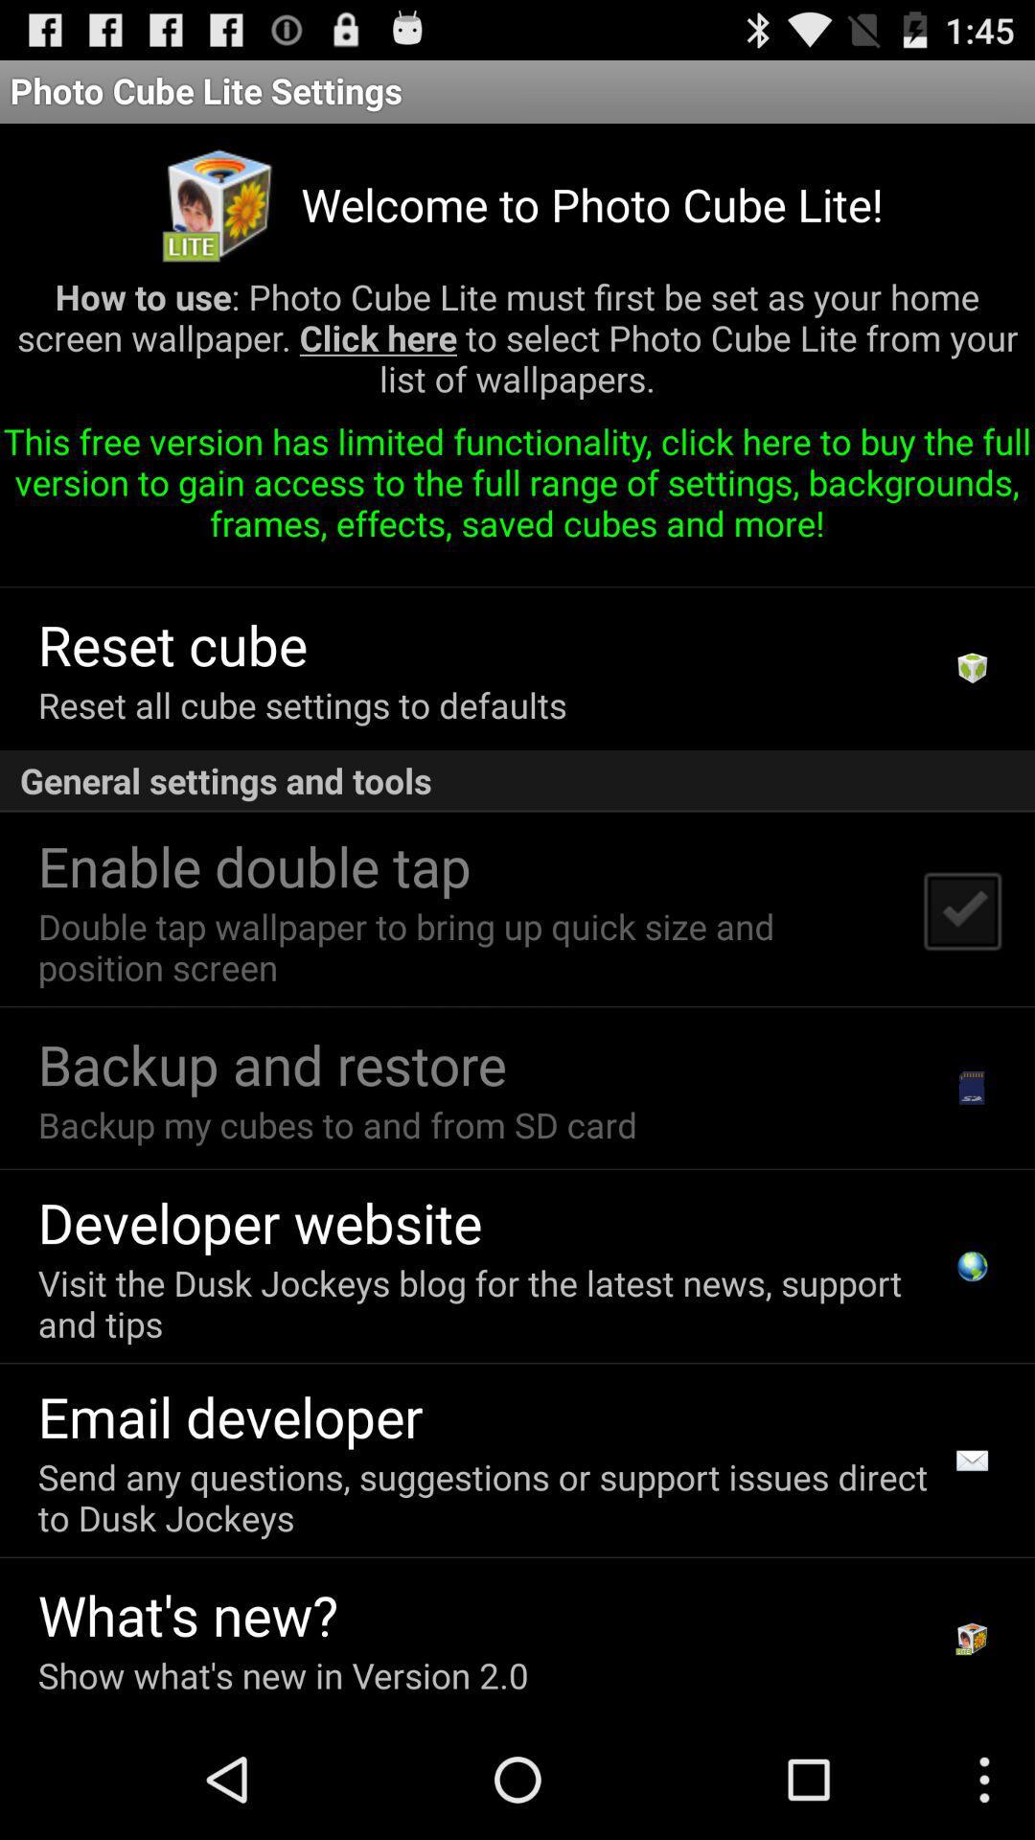 Image resolution: width=1035 pixels, height=1840 pixels. I want to click on the item below how to use, so click(517, 490).